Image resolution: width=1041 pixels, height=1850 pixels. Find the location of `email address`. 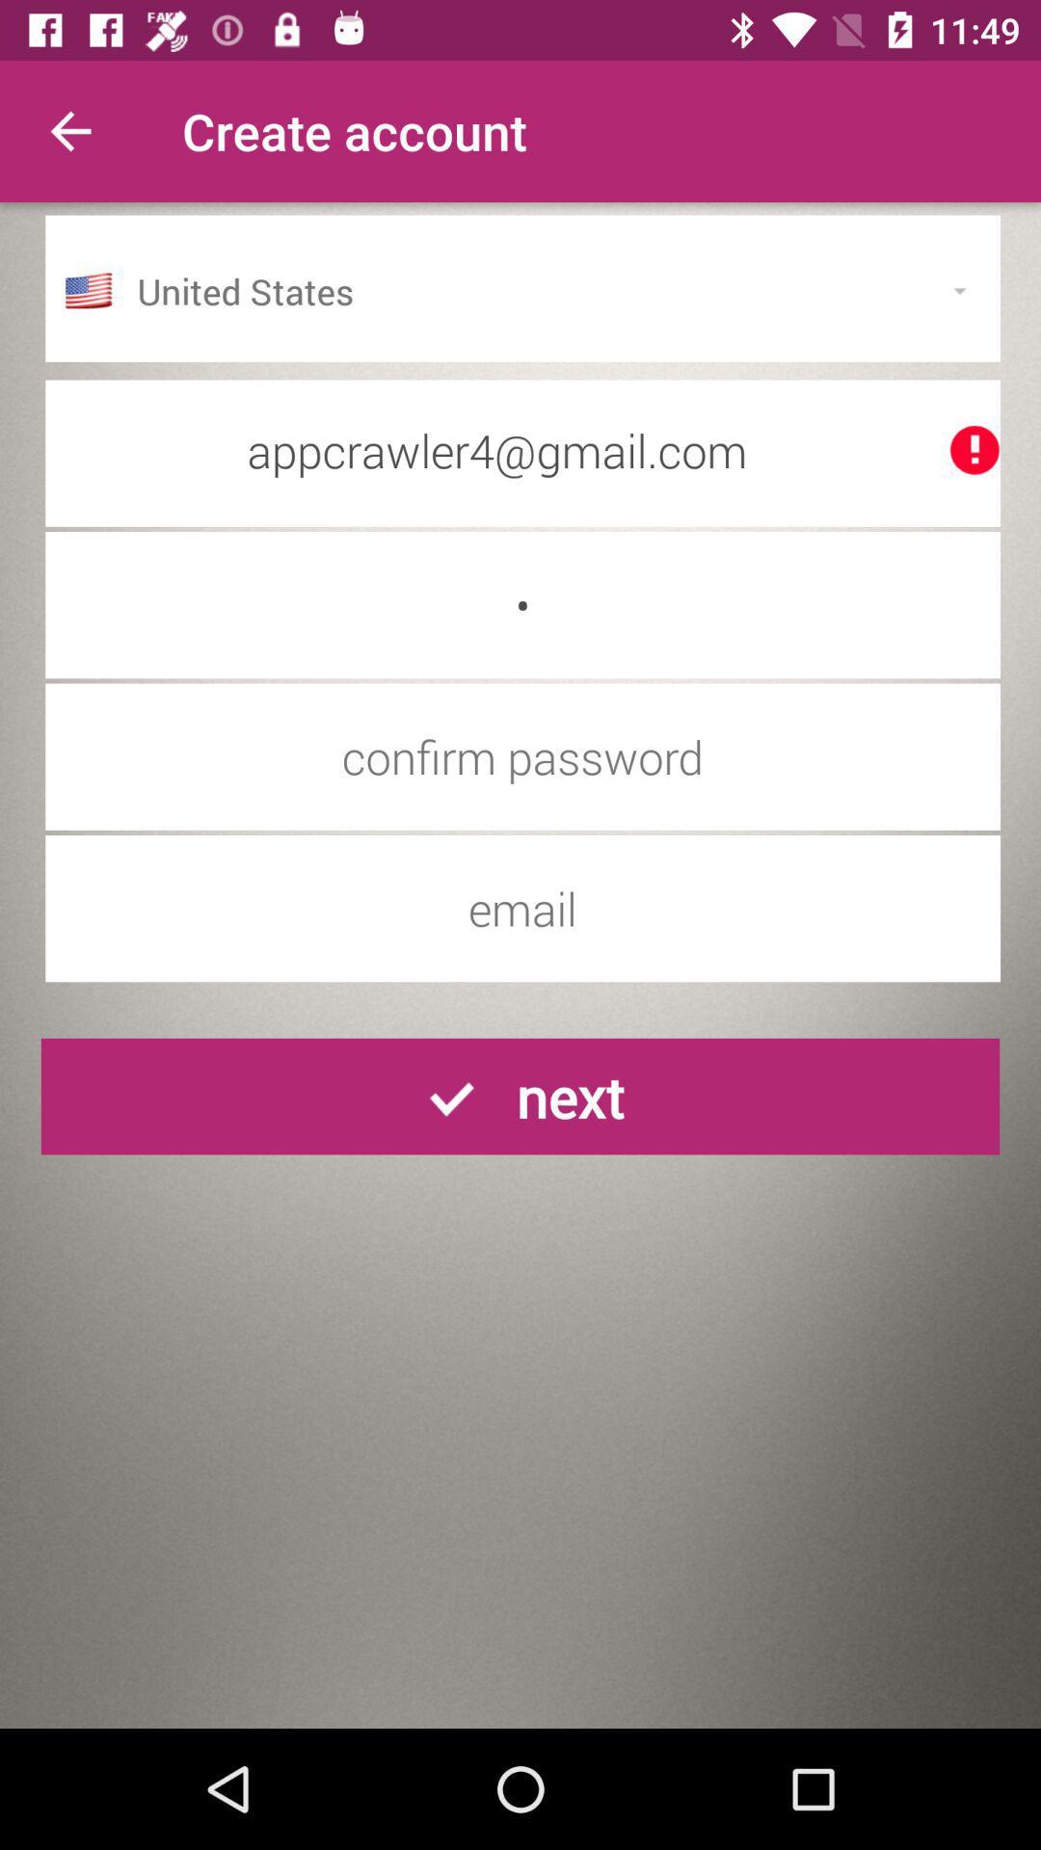

email address is located at coordinates (522, 908).